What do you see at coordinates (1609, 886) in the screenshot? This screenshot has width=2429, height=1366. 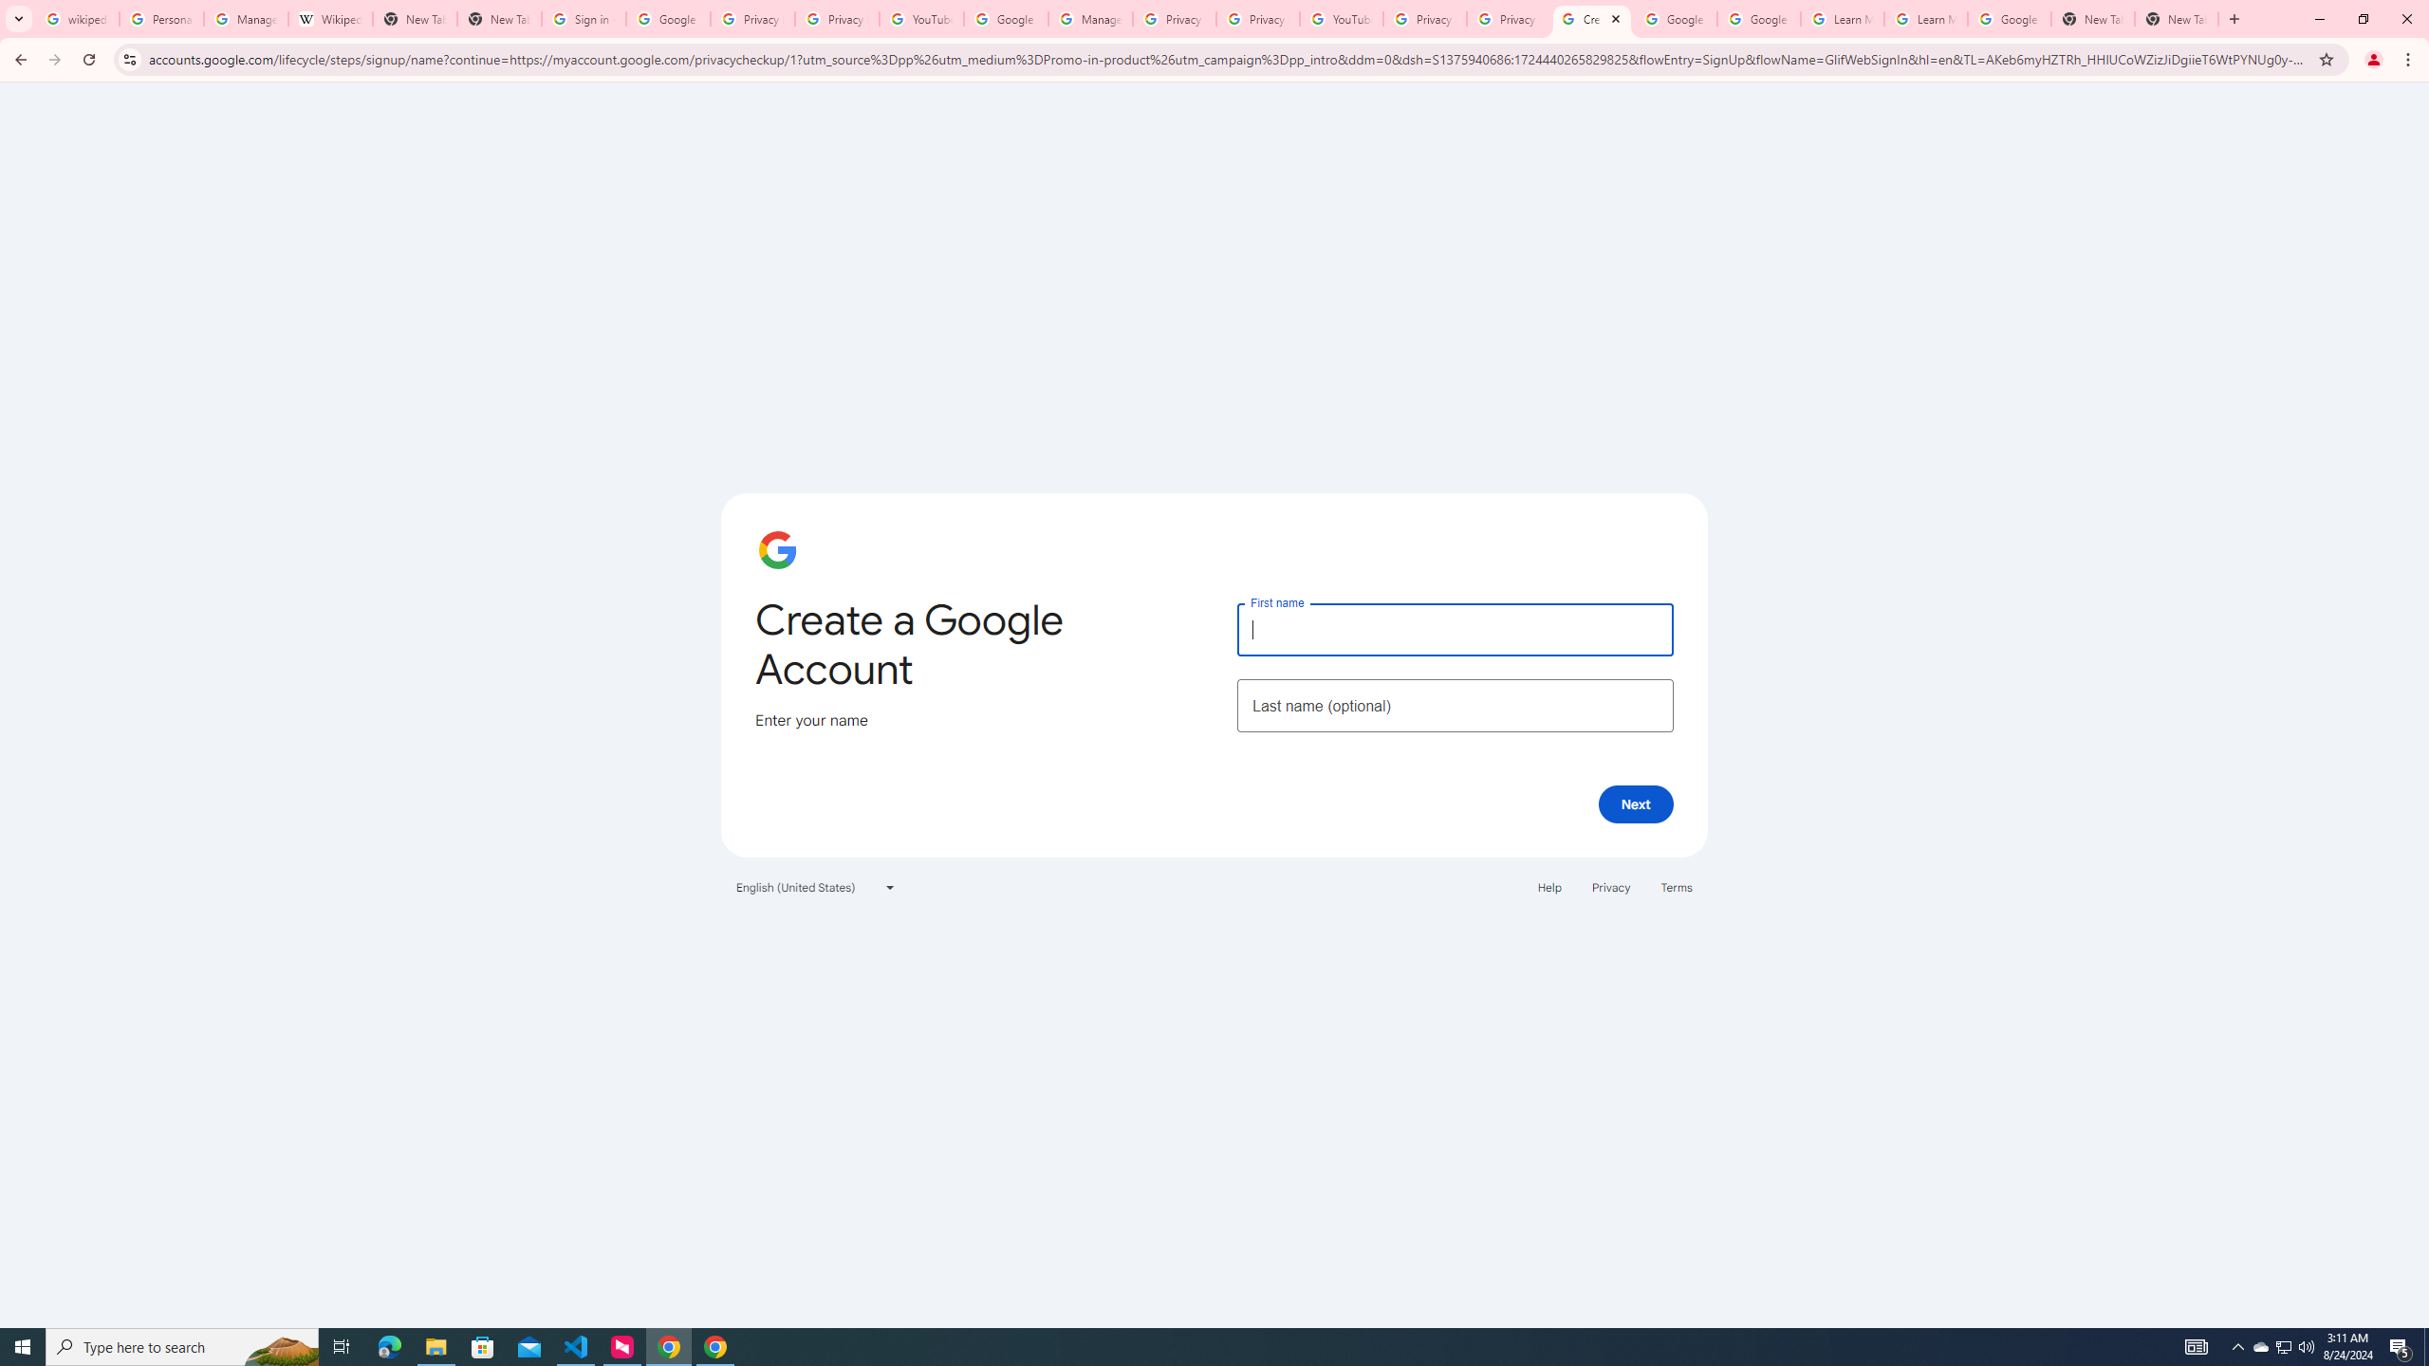 I see `'Privacy'` at bounding box center [1609, 886].